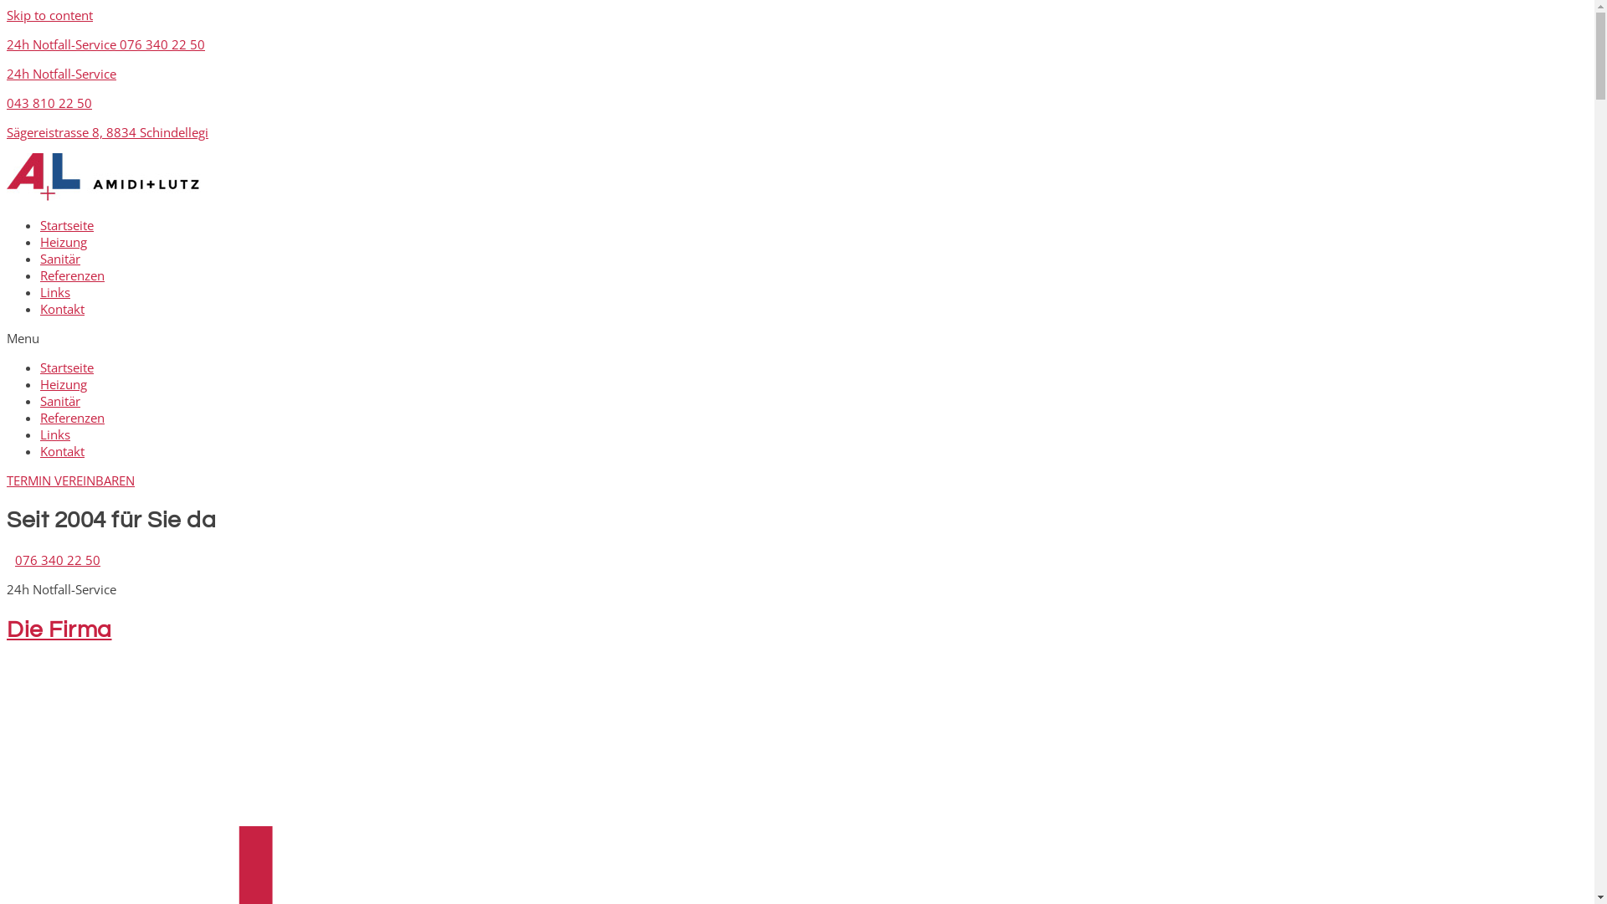 The height and width of the screenshot is (904, 1607). What do you see at coordinates (55, 290) in the screenshot?
I see `'Links'` at bounding box center [55, 290].